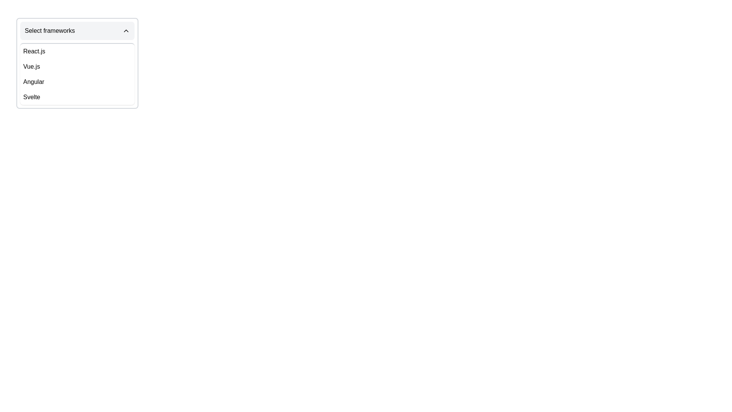 The image size is (732, 412). I want to click on the 'Angular' option in the dropdown menu titled 'Select frameworks', so click(33, 82).